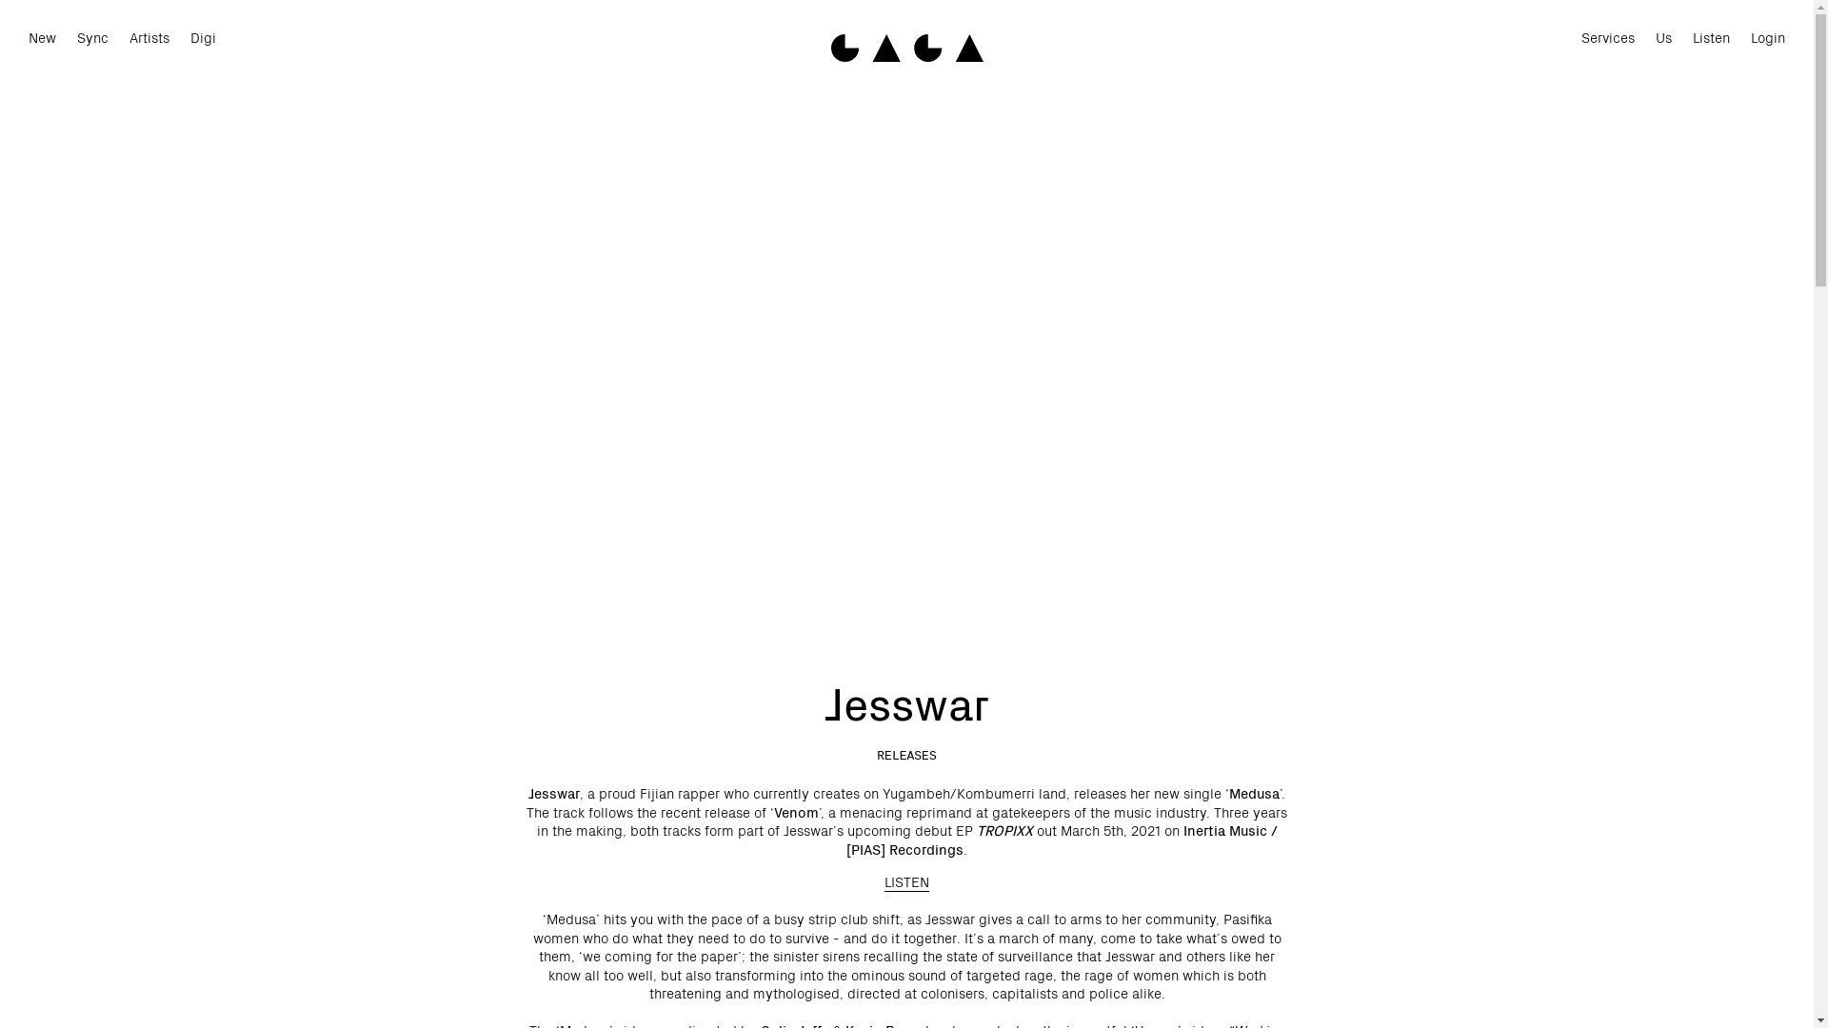  Describe the element at coordinates (1654, 38) in the screenshot. I see `'Us'` at that location.